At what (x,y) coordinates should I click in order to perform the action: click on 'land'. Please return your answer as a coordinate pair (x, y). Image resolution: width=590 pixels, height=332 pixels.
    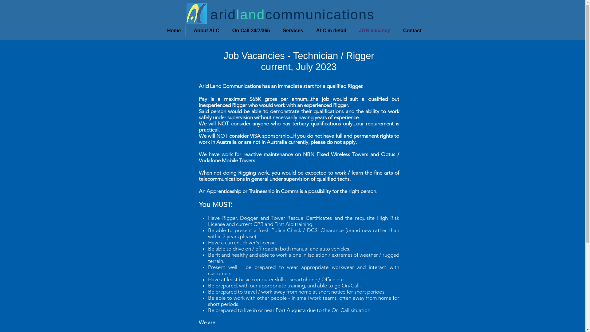
    Looking at the image, I should click on (251, 14).